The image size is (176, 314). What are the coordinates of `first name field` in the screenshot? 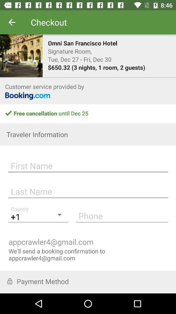 It's located at (88, 165).